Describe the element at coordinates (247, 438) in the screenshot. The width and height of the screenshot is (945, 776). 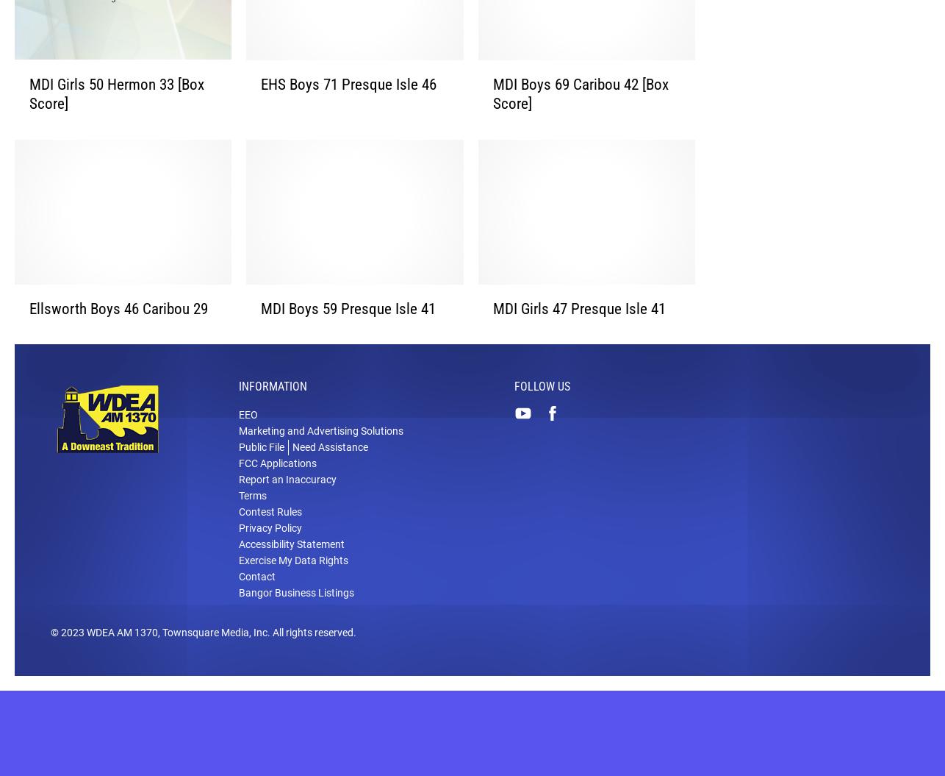
I see `'EEO'` at that location.